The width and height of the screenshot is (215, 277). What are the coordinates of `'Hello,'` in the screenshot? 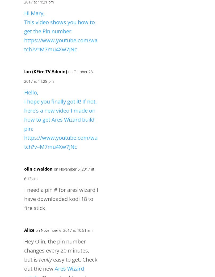 It's located at (24, 92).